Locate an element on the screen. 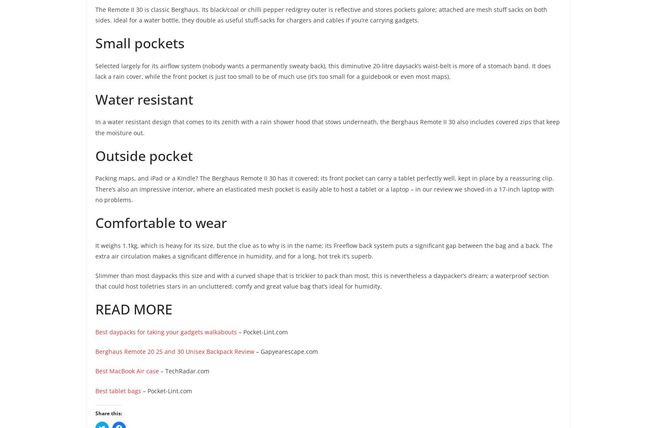 The height and width of the screenshot is (428, 657). '– Gapyearescape.com' is located at coordinates (286, 351).